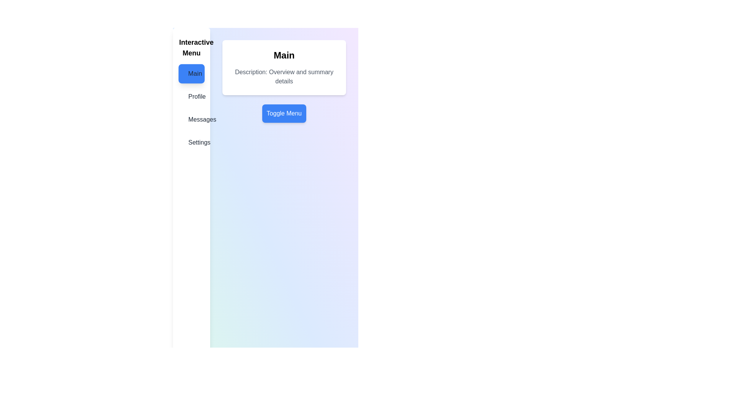  I want to click on the menu item Settings from the menu, so click(191, 143).